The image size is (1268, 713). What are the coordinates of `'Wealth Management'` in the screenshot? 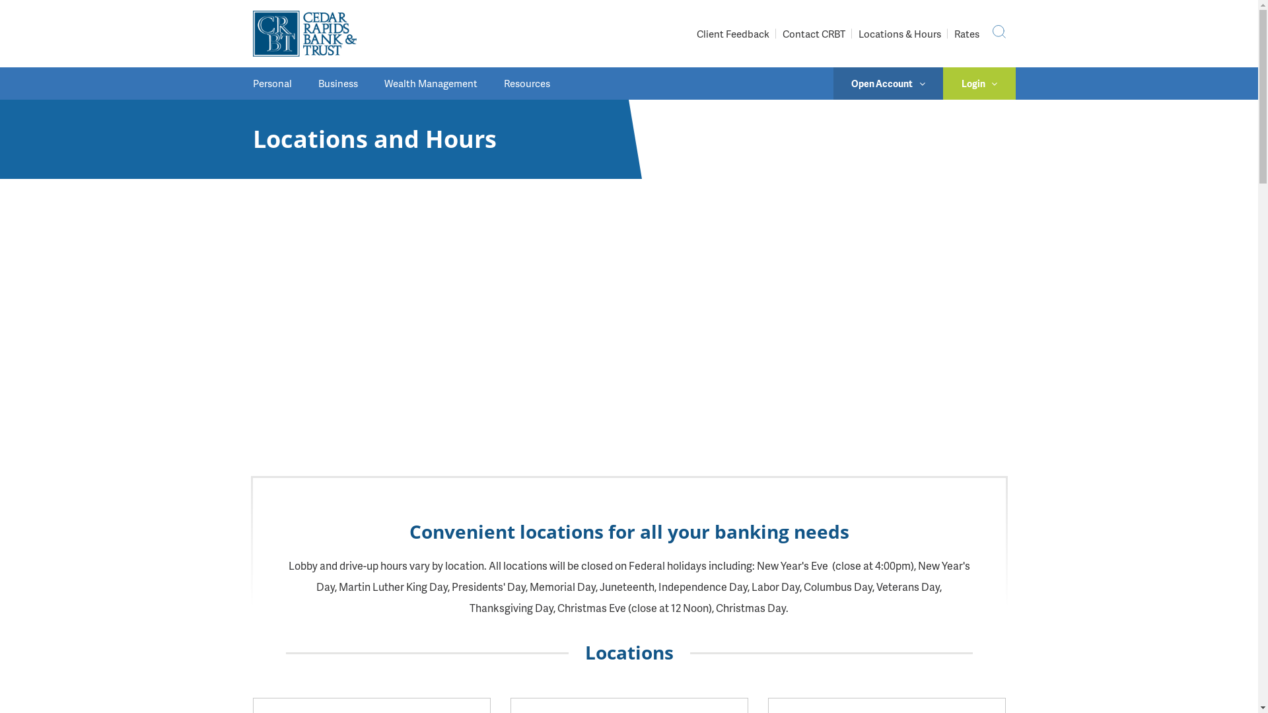 It's located at (431, 83).